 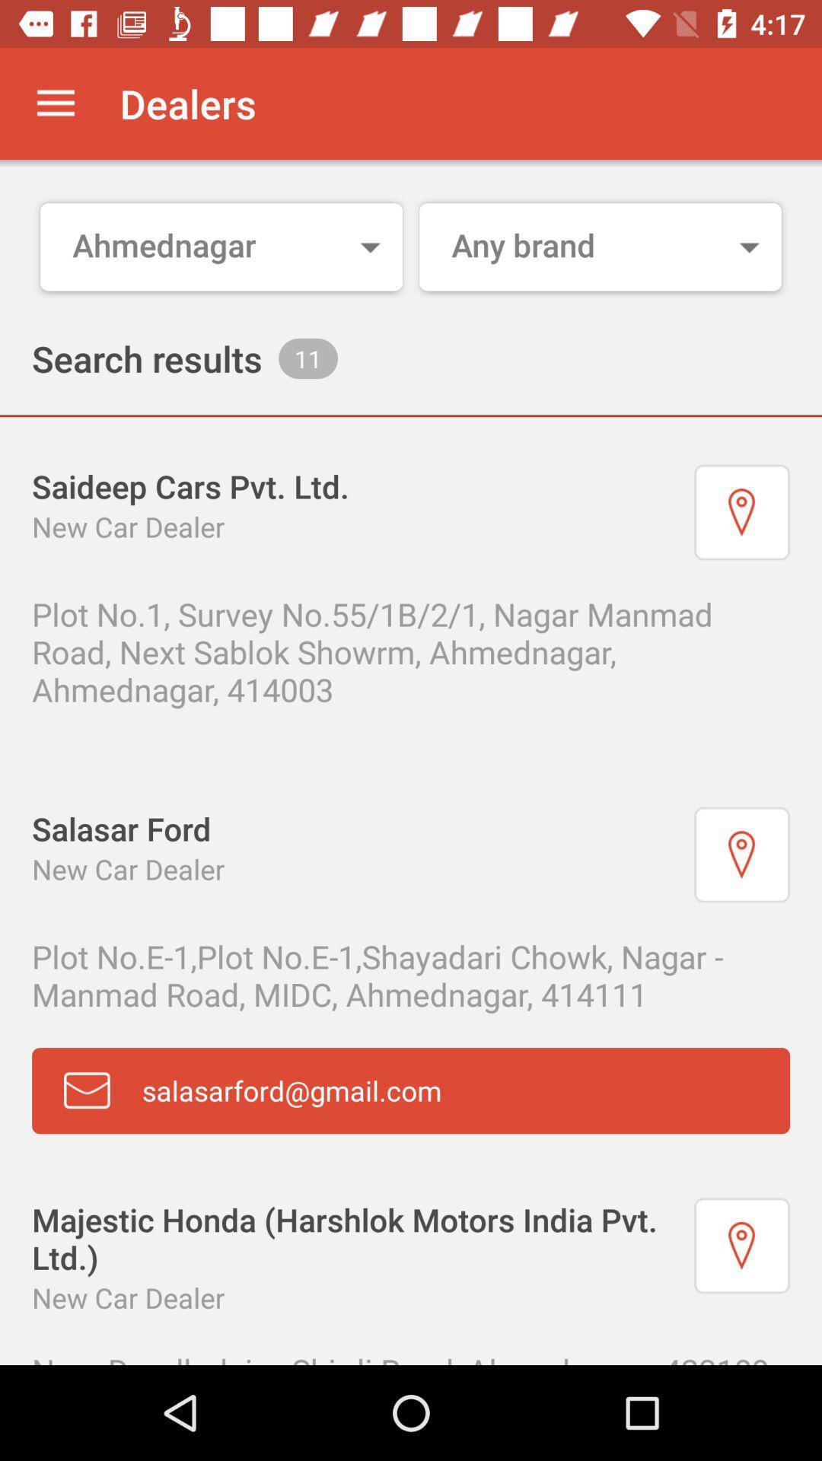 What do you see at coordinates (741, 855) in the screenshot?
I see `show location` at bounding box center [741, 855].